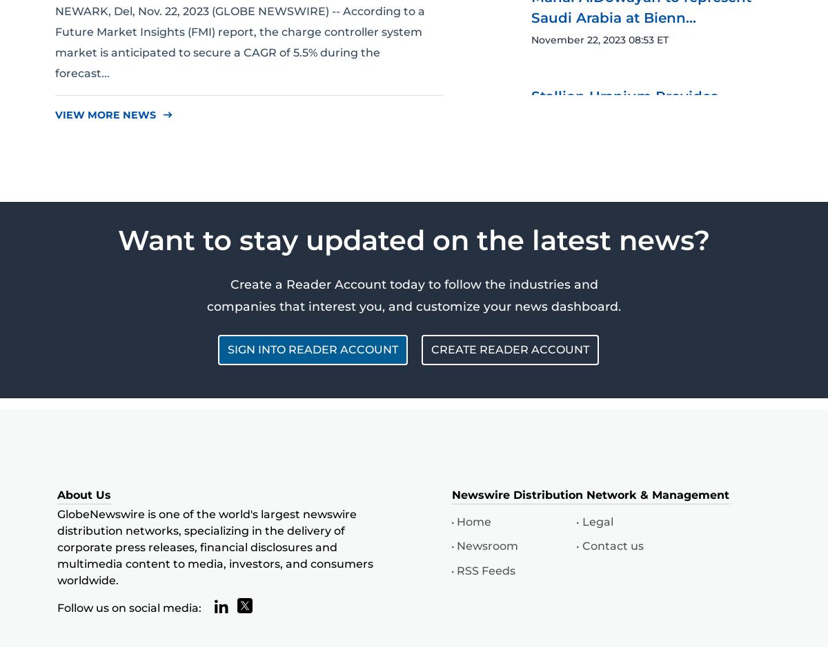 The image size is (828, 647). I want to click on 'View More News', so click(105, 114).